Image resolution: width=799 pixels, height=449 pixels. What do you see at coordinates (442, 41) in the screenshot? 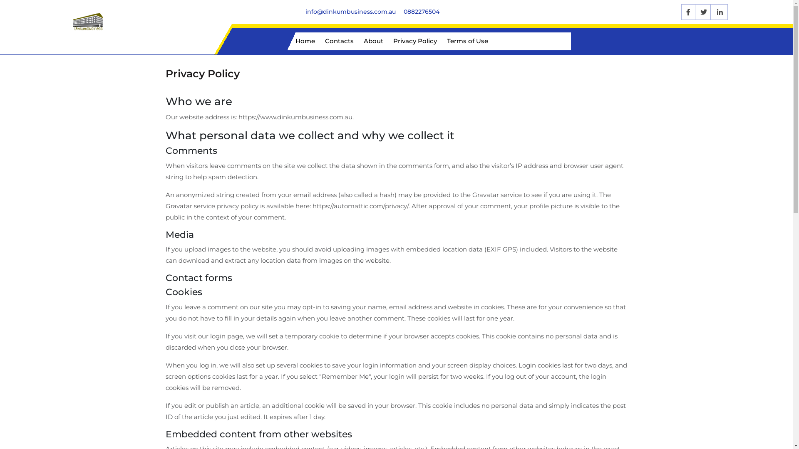
I see `'Terms of Use'` at bounding box center [442, 41].